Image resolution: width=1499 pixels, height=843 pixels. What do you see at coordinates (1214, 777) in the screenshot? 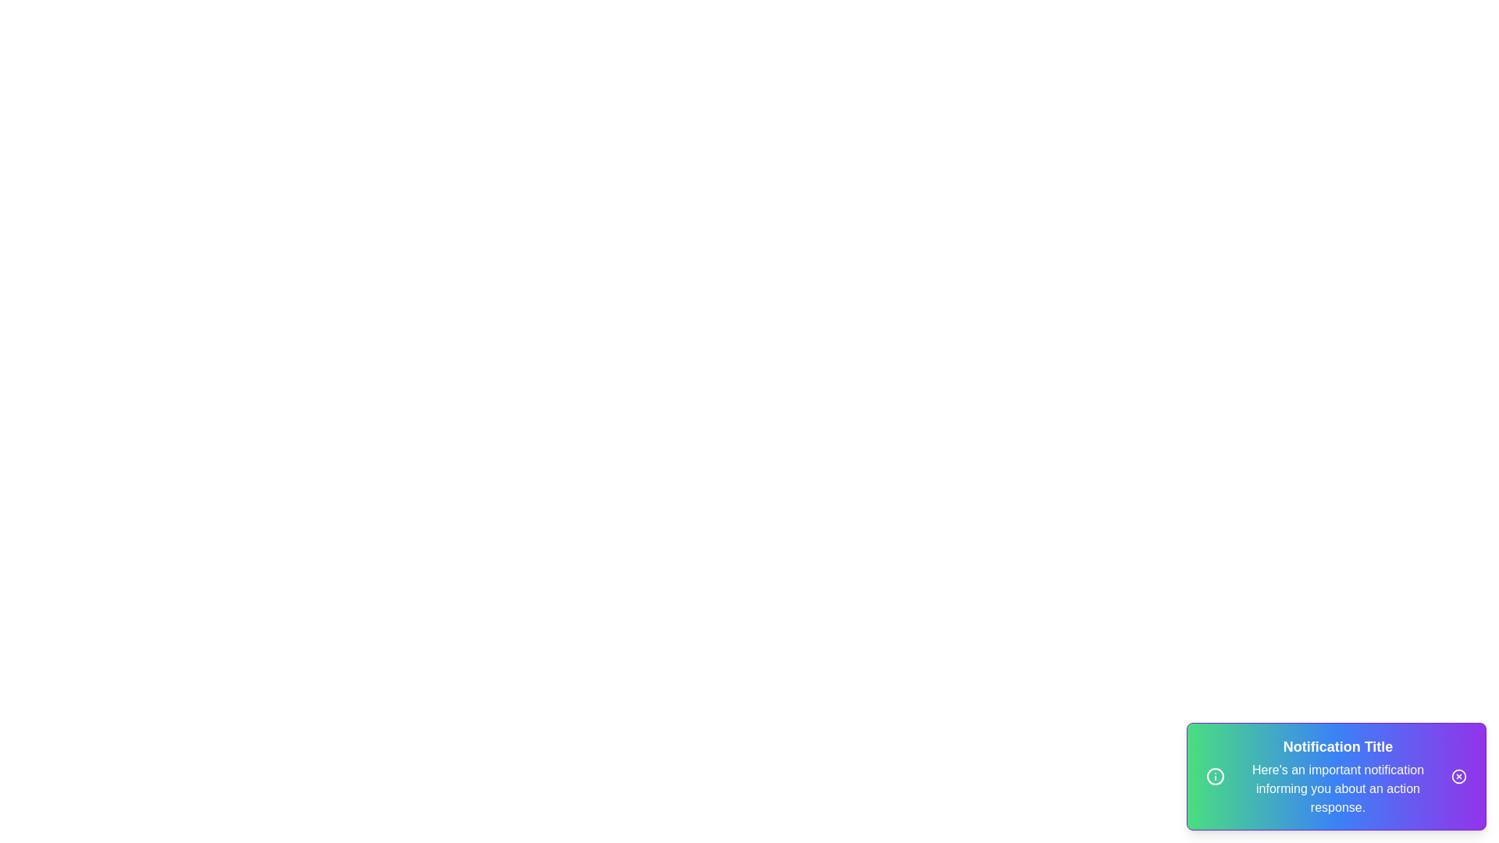
I see `the decorative icon in the alert` at bounding box center [1214, 777].